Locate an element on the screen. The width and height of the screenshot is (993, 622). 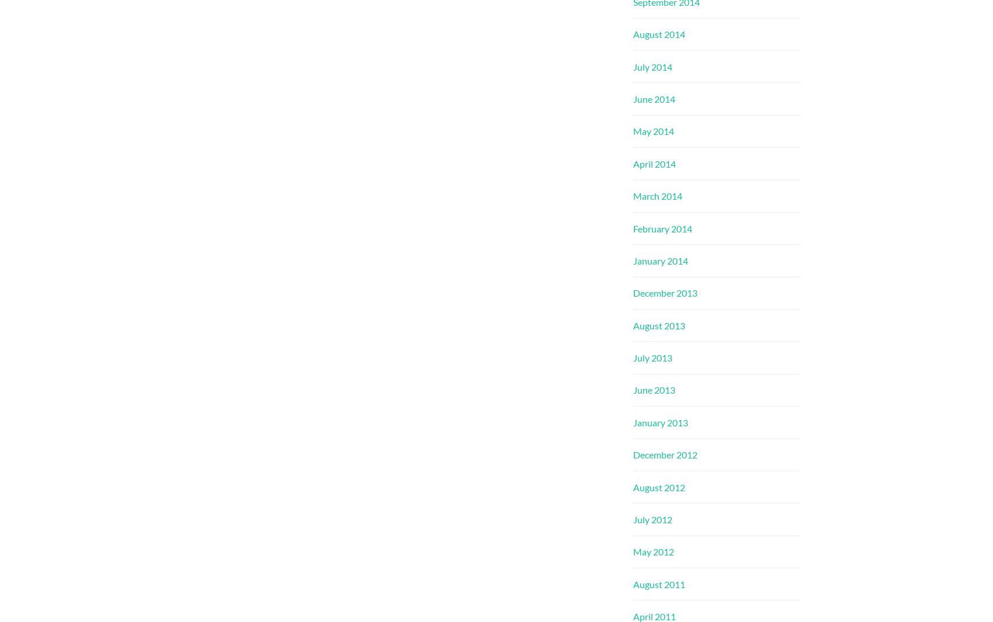
'June 2013' is located at coordinates (633, 390).